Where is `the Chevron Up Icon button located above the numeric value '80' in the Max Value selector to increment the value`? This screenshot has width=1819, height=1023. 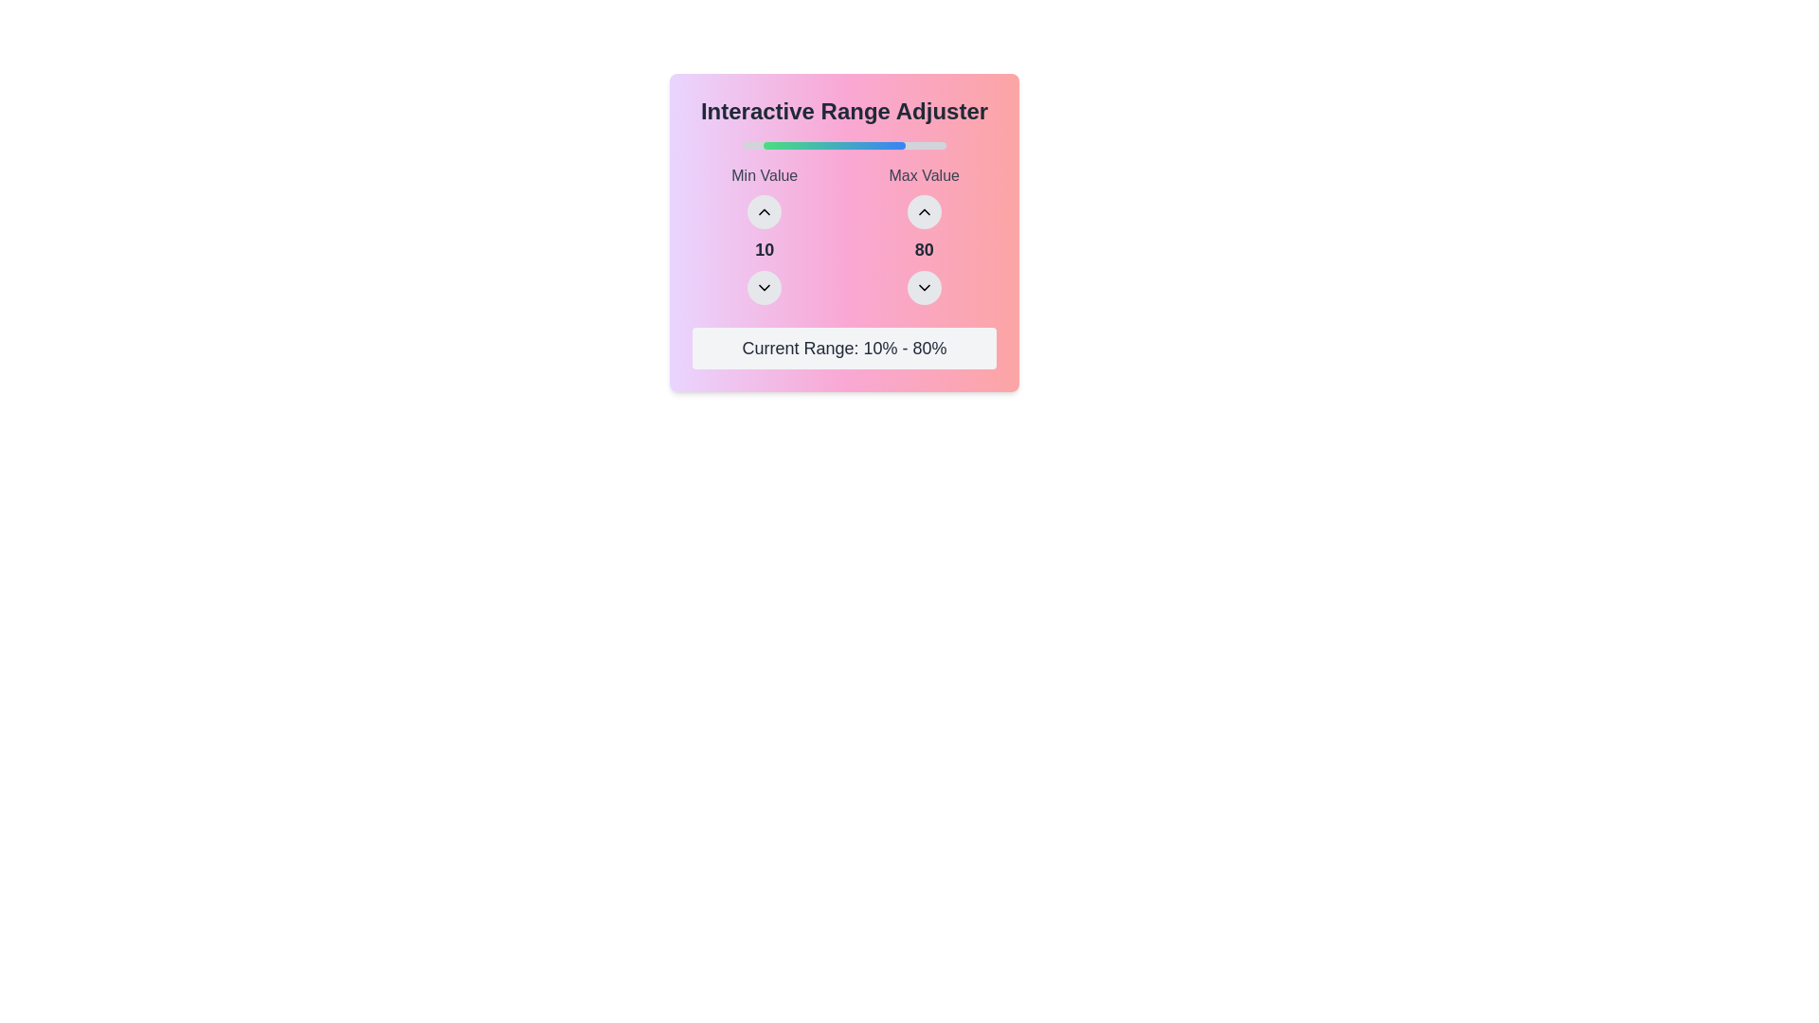 the Chevron Up Icon button located above the numeric value '80' in the Max Value selector to increment the value is located at coordinates (924, 211).